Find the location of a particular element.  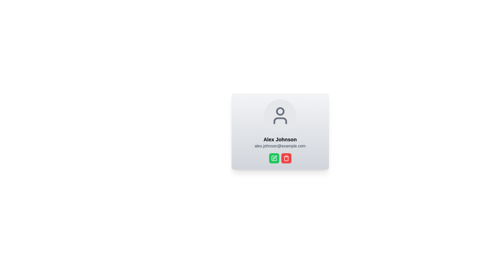

the static text displaying the user's email address, located at the center-bottom of the profile card below the name 'Alex Johnson' is located at coordinates (280, 146).